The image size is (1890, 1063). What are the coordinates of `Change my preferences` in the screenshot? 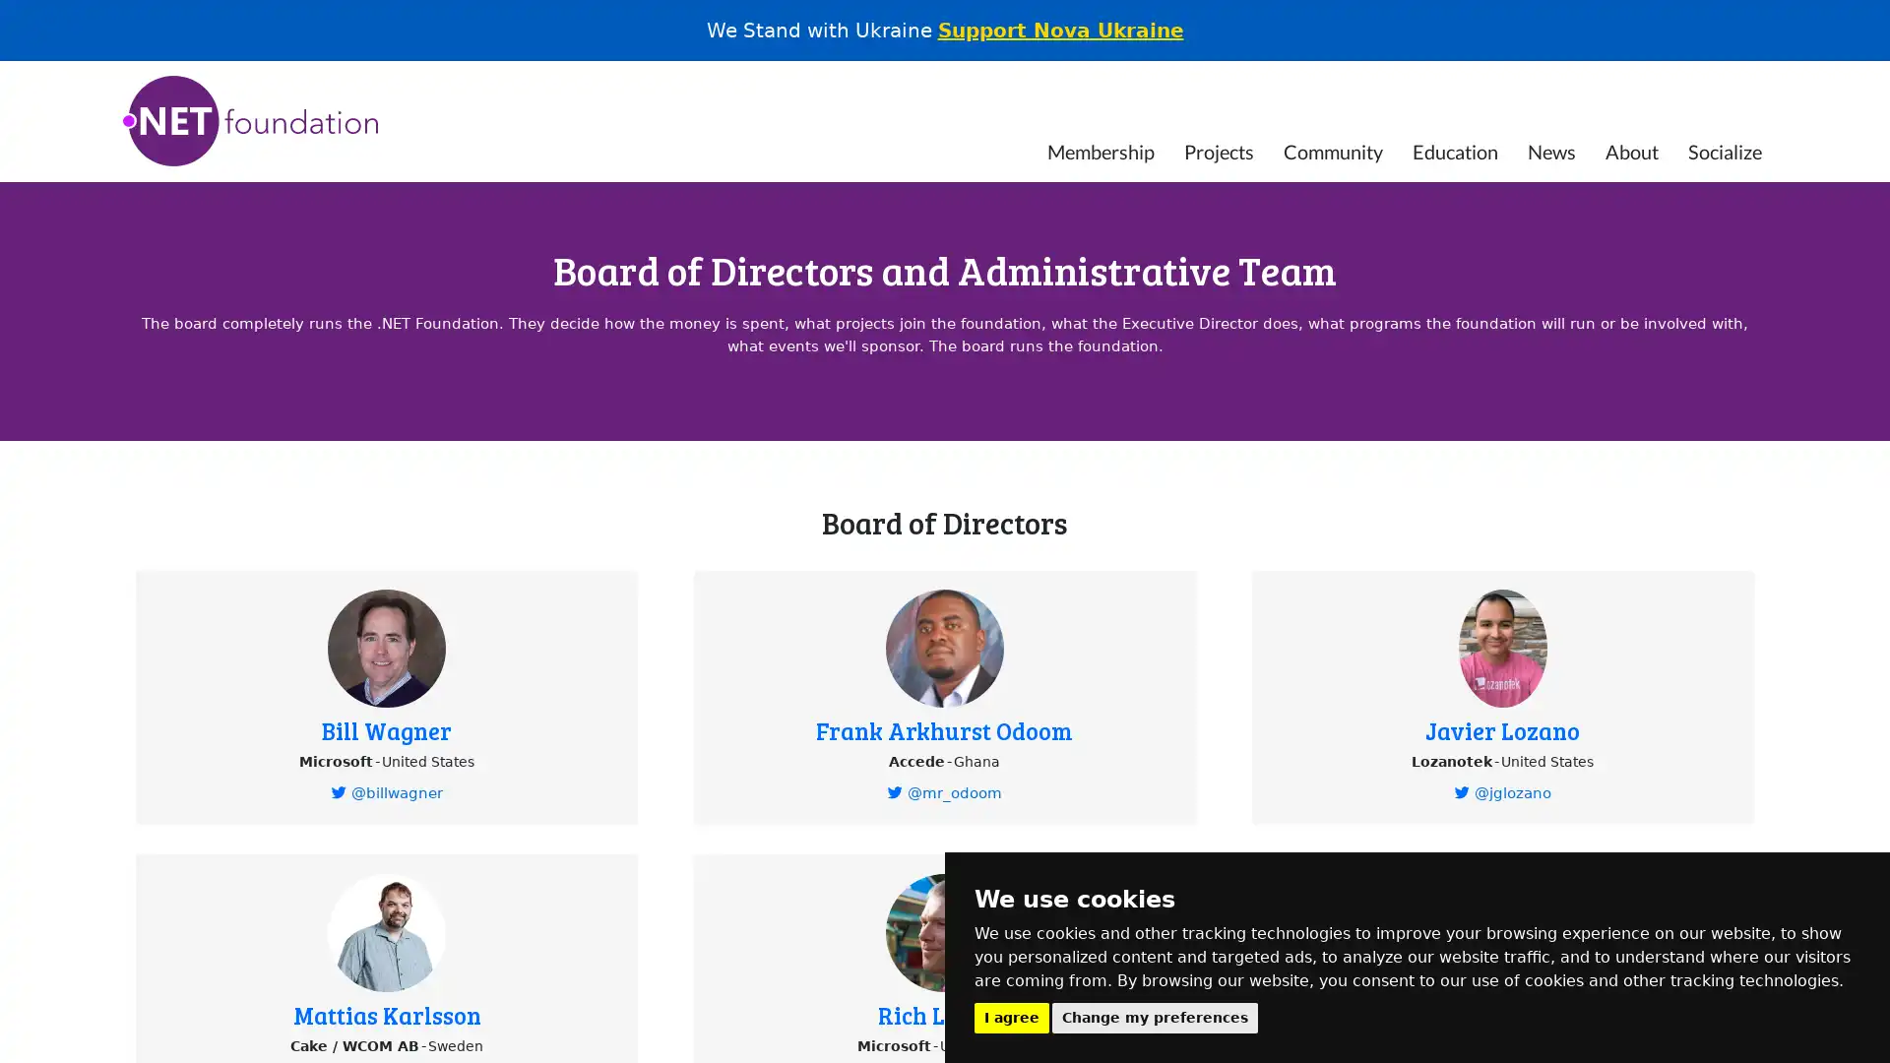 It's located at (1154, 1018).